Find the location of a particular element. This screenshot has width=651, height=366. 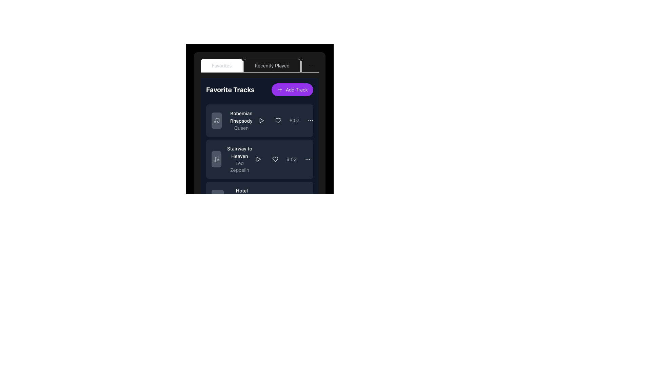

the Tab indicator bar located directly under the active tab labeled 'Favorites' in the tab navigation component is located at coordinates (222, 72).